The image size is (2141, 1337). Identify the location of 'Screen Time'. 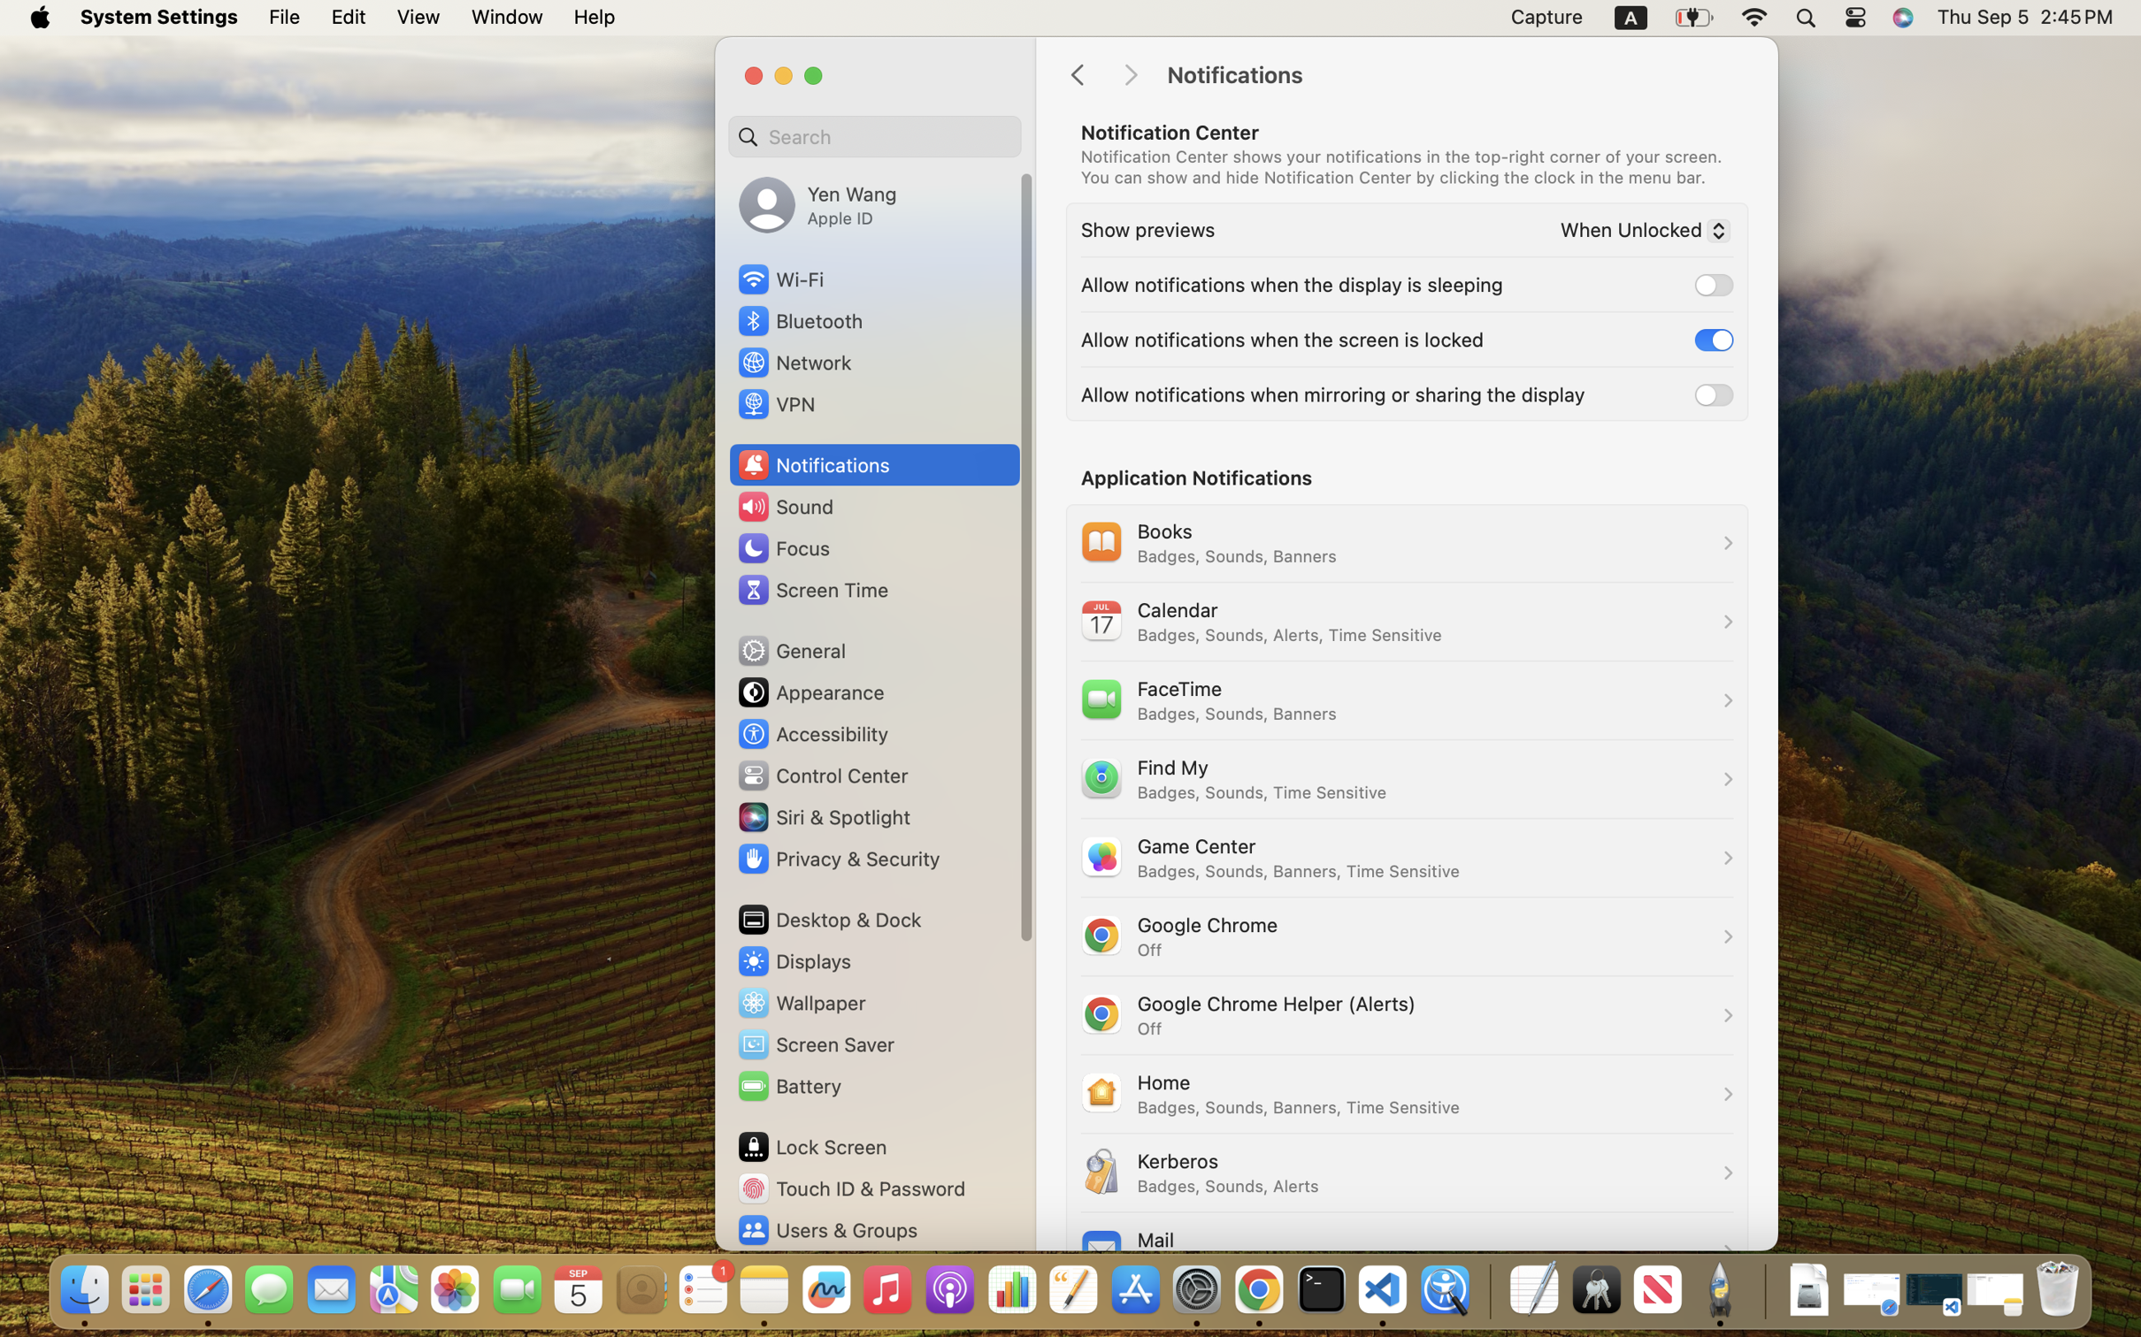
(812, 588).